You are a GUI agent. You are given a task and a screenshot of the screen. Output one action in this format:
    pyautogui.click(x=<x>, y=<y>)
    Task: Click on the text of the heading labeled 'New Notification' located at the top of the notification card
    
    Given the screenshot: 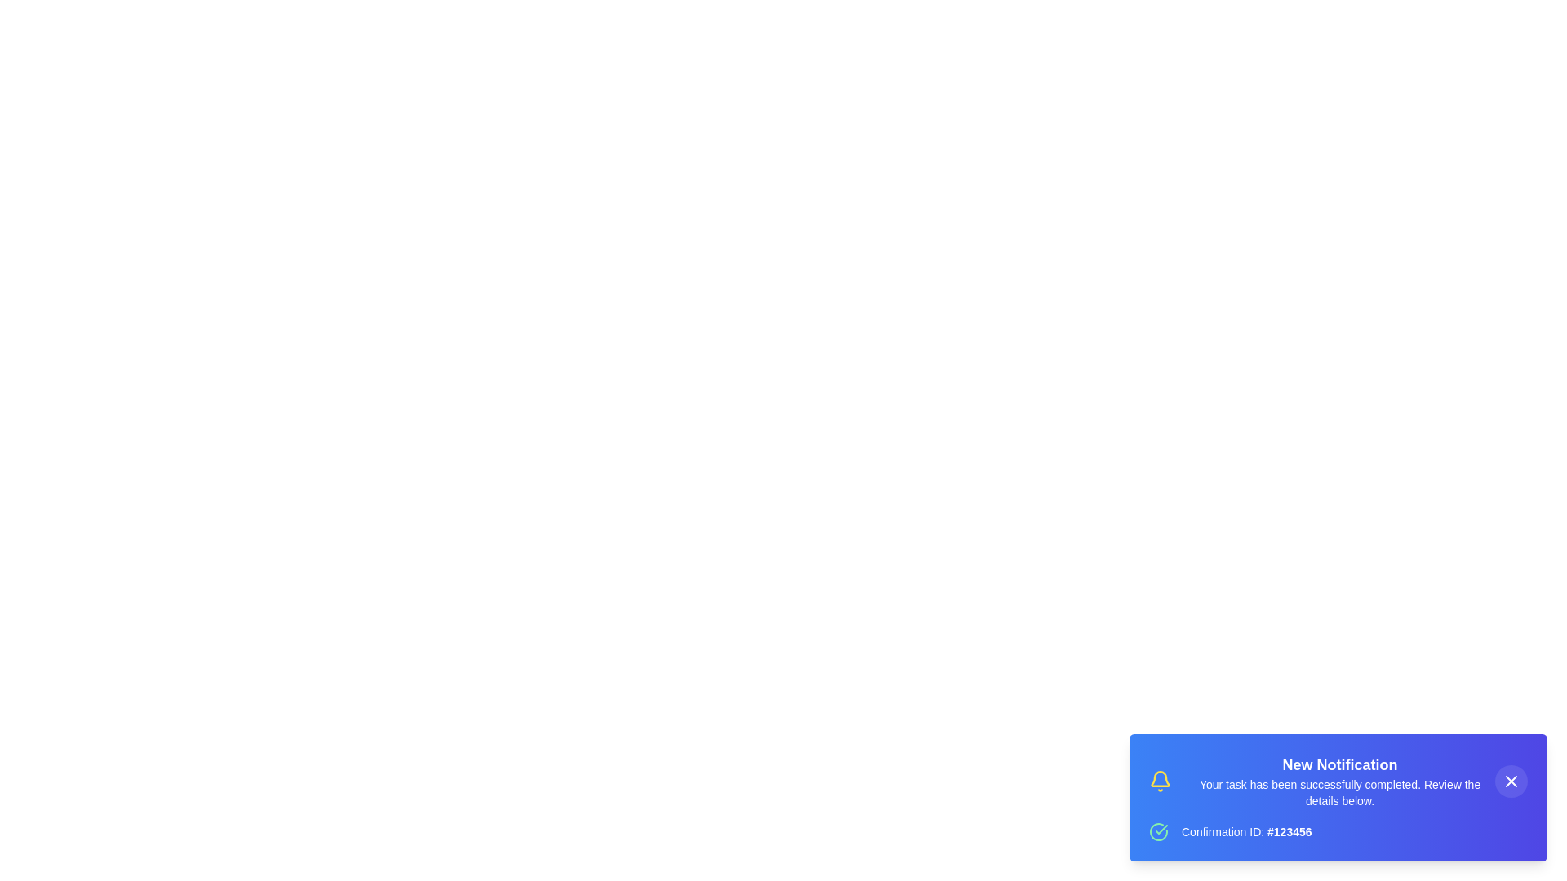 What is the action you would take?
    pyautogui.click(x=1339, y=764)
    